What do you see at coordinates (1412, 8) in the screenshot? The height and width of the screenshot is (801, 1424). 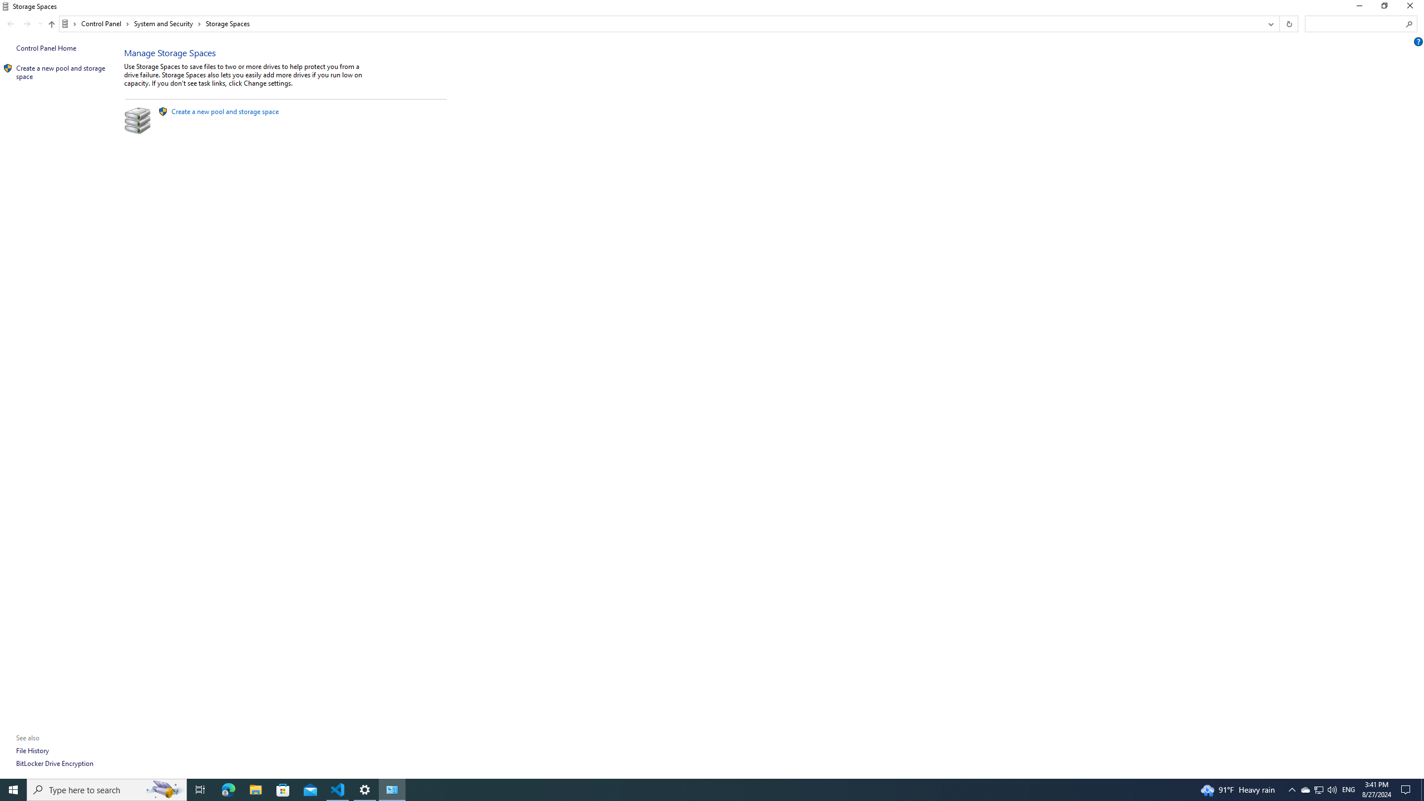 I see `'Close'` at bounding box center [1412, 8].